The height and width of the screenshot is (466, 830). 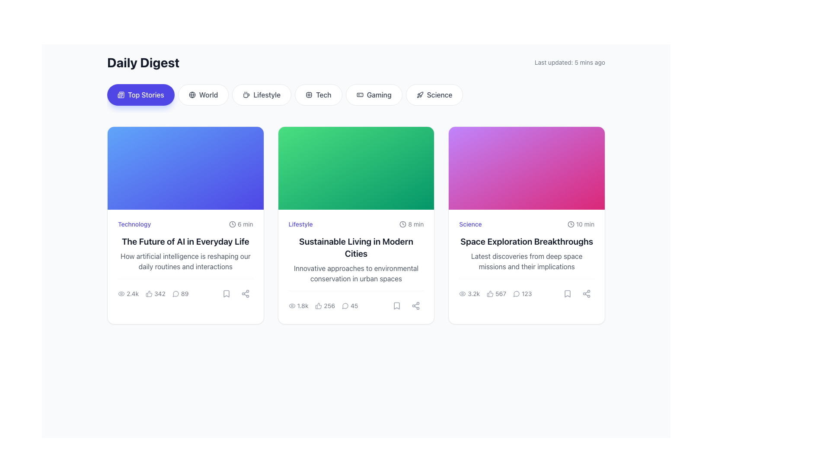 I want to click on the comment icon displaying the count '123' located below the 'Science' header in the lower section of the third card, so click(x=522, y=293).